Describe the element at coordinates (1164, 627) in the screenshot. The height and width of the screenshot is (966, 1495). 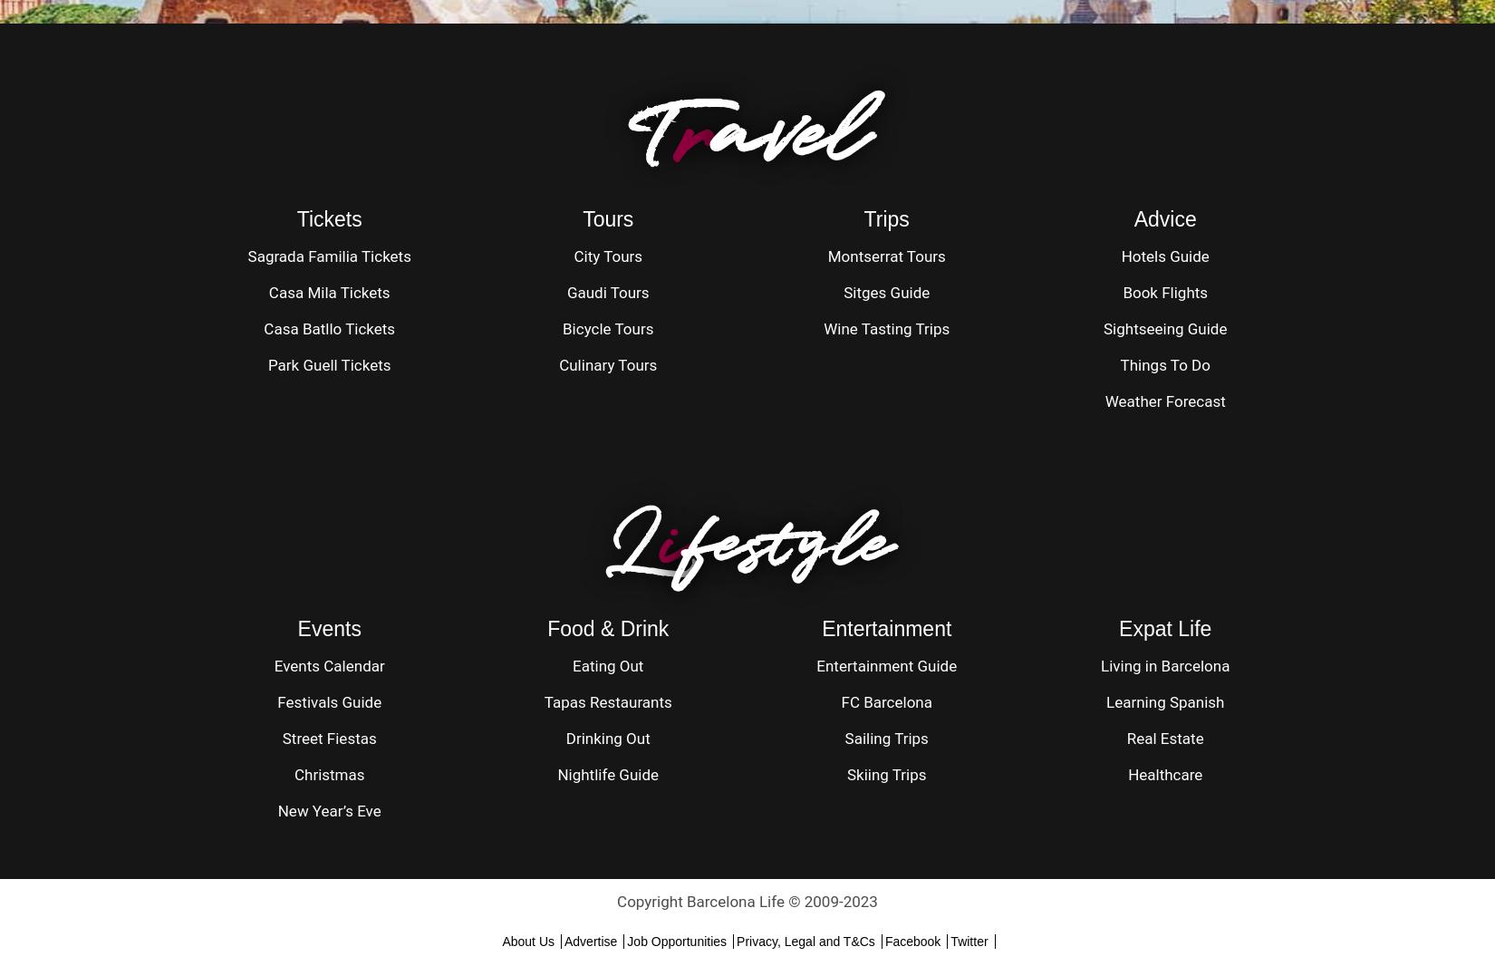
I see `'Expat Life'` at that location.